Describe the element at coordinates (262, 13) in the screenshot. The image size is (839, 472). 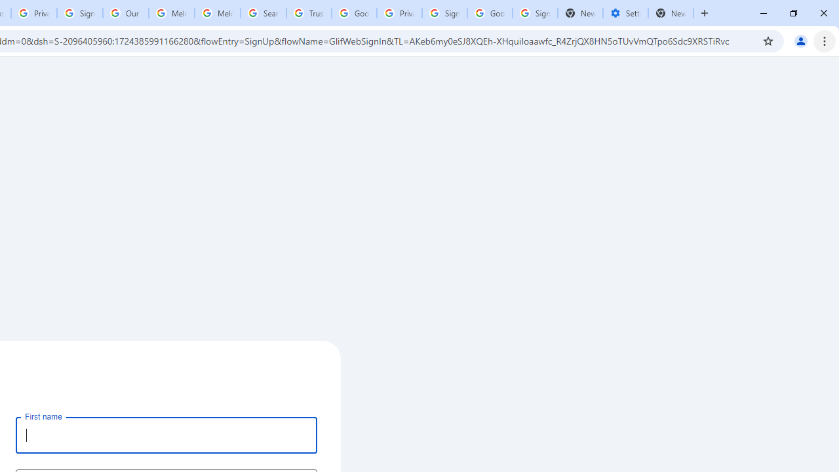
I see `'Search our Doodle Library Collection - Google Doodles'` at that location.